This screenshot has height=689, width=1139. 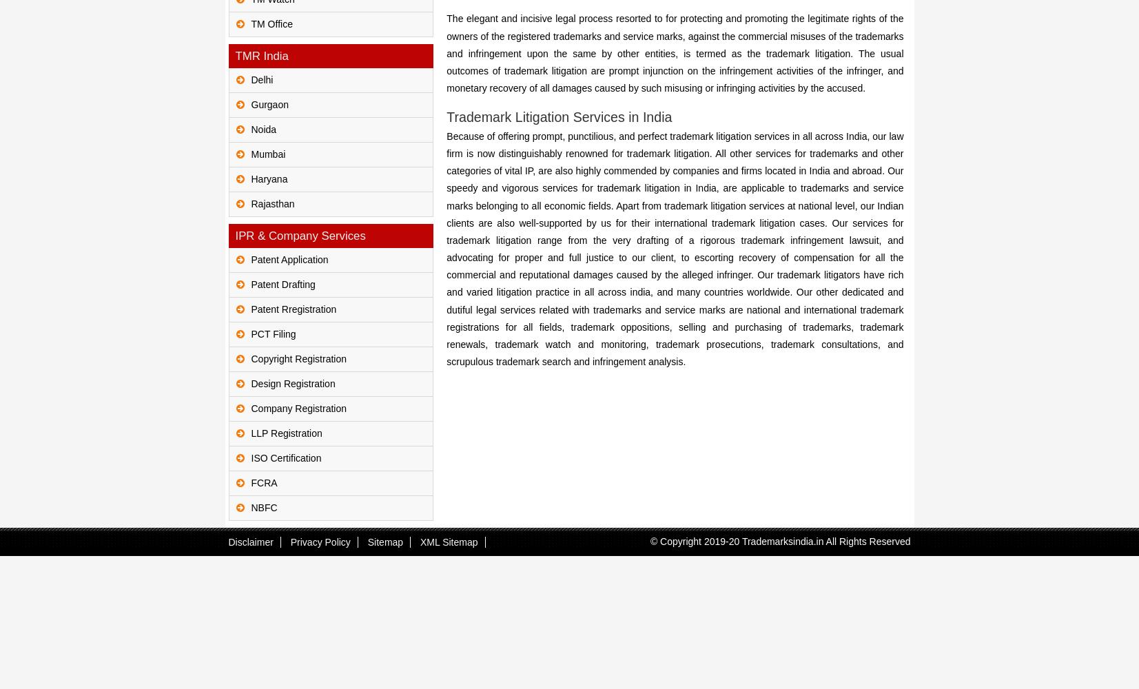 I want to click on 'XML Sitemap', so click(x=448, y=542).